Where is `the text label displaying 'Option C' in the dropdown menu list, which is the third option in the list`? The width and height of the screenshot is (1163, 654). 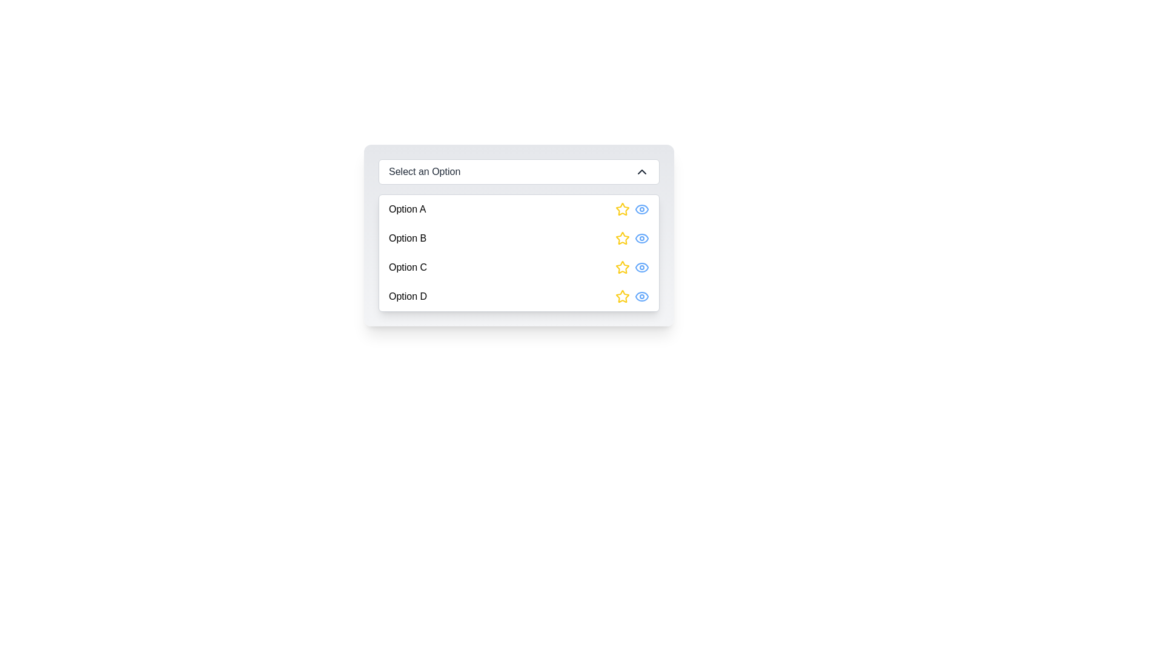
the text label displaying 'Option C' in the dropdown menu list, which is the third option in the list is located at coordinates (408, 267).